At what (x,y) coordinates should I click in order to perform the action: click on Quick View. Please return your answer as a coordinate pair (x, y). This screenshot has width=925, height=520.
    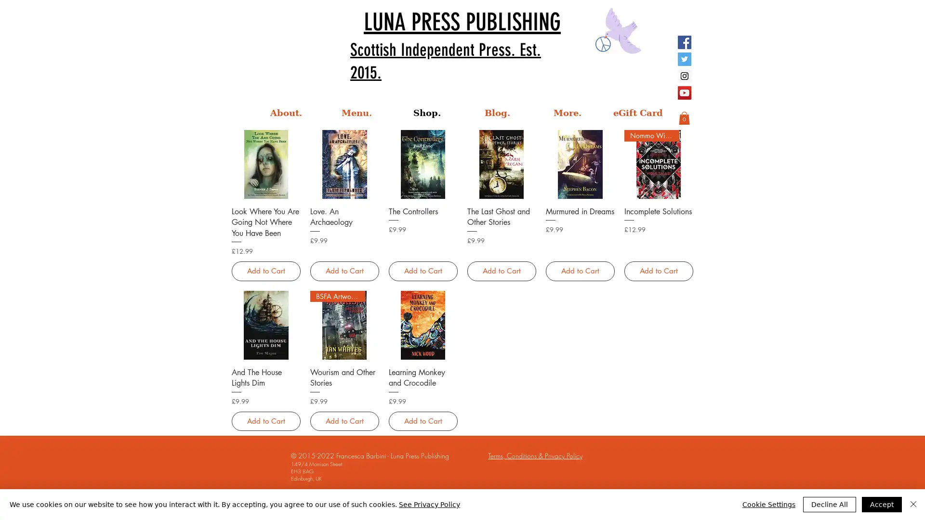
    Looking at the image, I should click on (579, 209).